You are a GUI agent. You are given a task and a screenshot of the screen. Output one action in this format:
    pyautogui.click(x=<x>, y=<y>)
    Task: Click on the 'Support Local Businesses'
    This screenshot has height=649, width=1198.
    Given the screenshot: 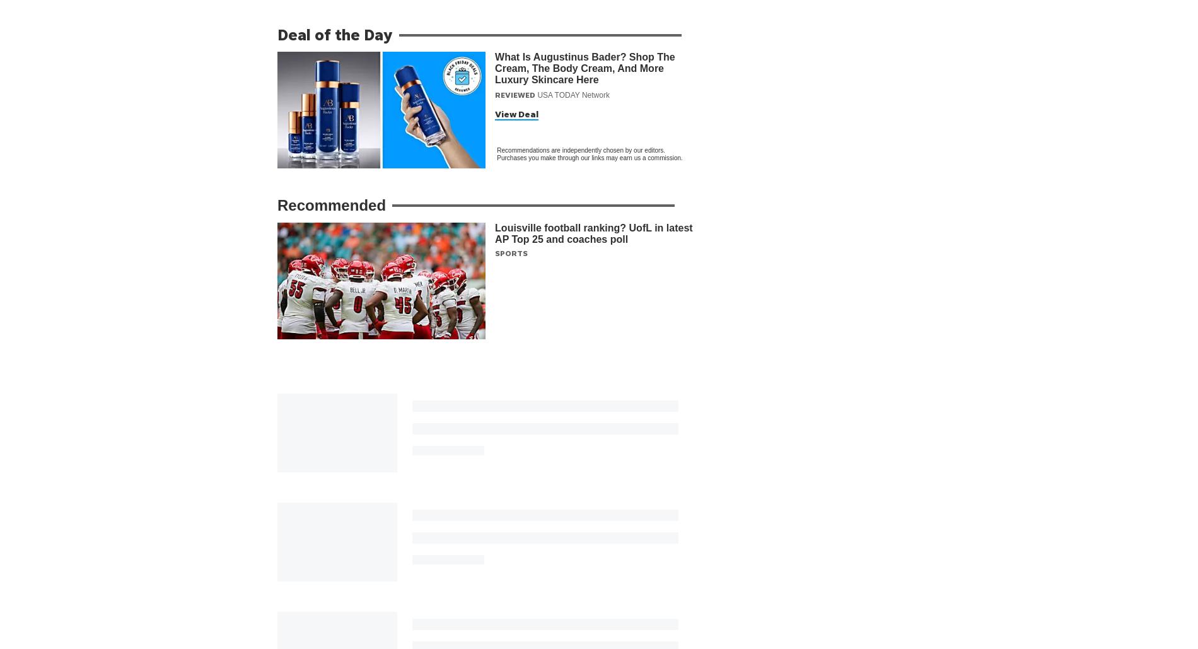 What is the action you would take?
    pyautogui.click(x=509, y=599)
    